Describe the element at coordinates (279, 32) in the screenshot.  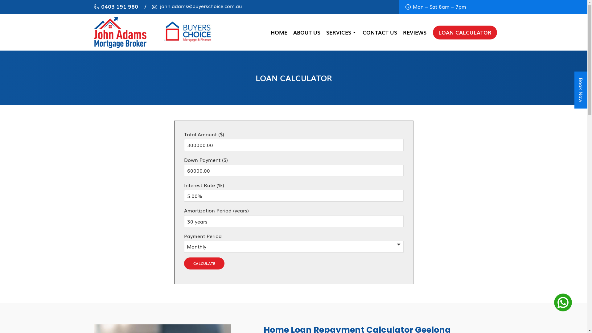
I see `'HOME'` at that location.